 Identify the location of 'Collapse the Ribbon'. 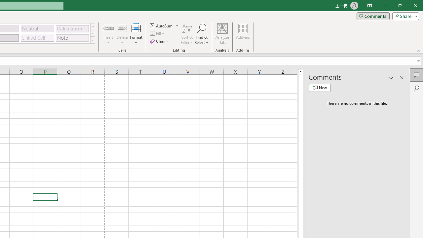
(418, 50).